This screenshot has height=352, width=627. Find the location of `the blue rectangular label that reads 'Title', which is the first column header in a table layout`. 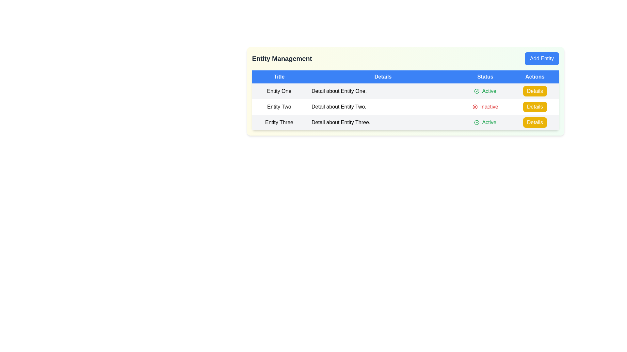

the blue rectangular label that reads 'Title', which is the first column header in a table layout is located at coordinates (279, 76).